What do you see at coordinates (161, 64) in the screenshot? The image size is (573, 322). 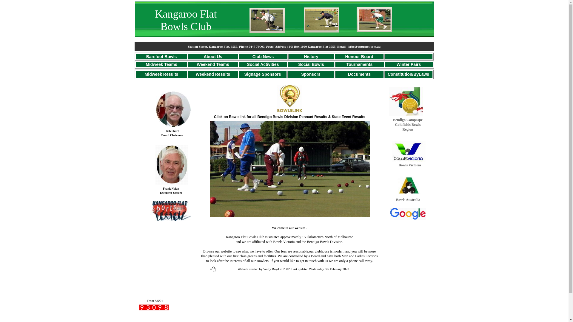 I see `'Midweek Teams'` at bounding box center [161, 64].